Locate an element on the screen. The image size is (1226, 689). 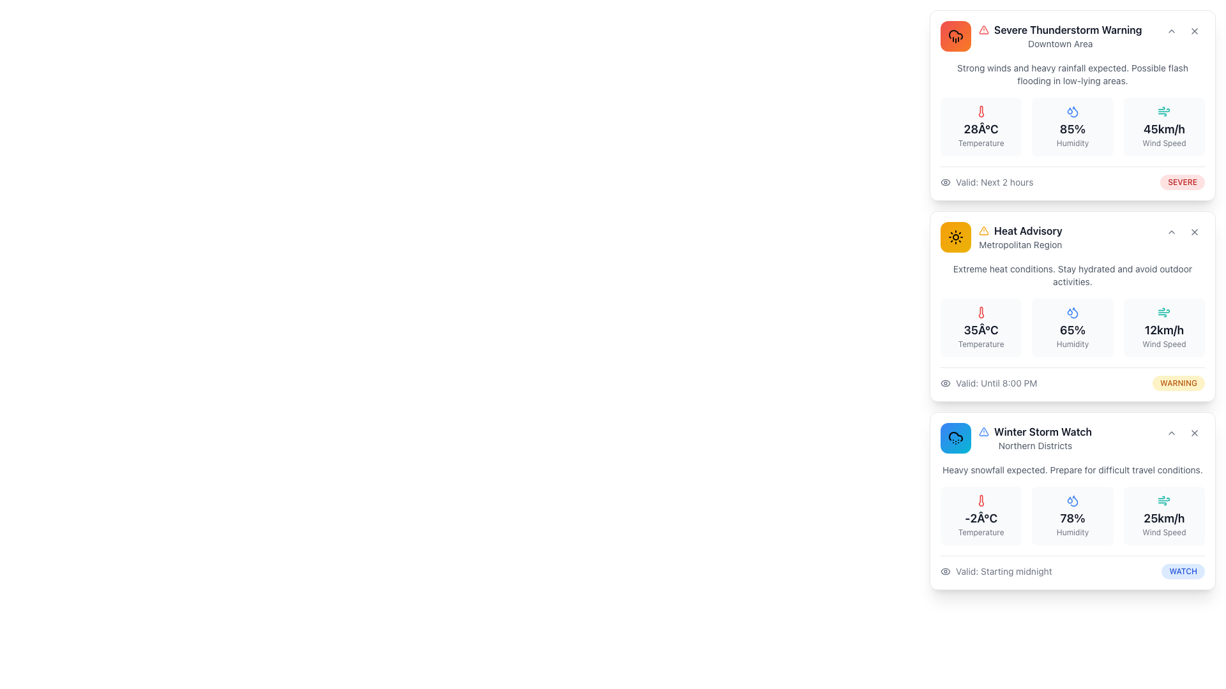
the collapse button located at the top-right corner of the 'Severe Thunderstorm Warning' card to receive potential visual feedback is located at coordinates (1171, 31).